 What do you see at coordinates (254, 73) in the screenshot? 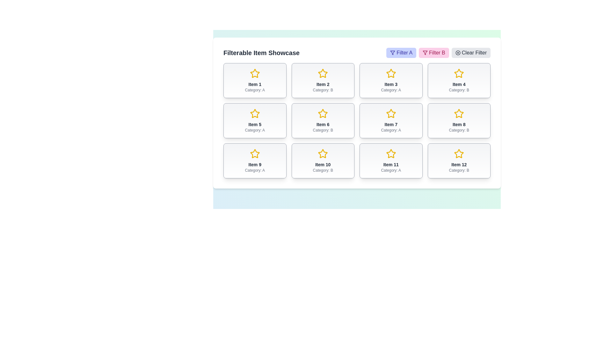
I see `the star-shaped icon in the first row and first column of the 3x4 grid layout, which is part of the card labeled 'Item 1' in the 'Filterable Item Showcase' section` at bounding box center [254, 73].